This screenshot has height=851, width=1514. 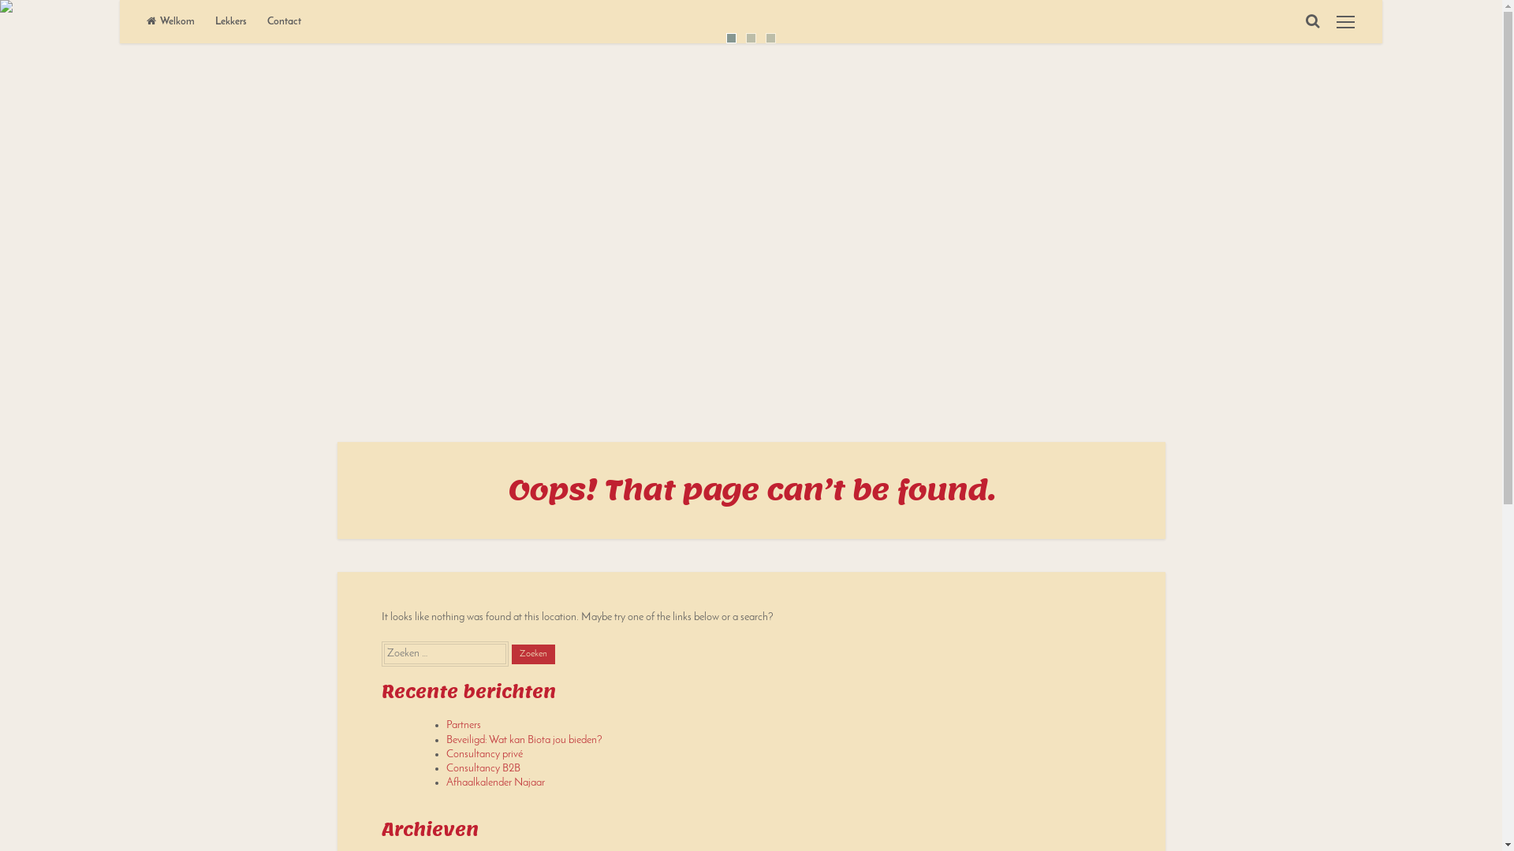 I want to click on 'Lekkers', so click(x=229, y=21).